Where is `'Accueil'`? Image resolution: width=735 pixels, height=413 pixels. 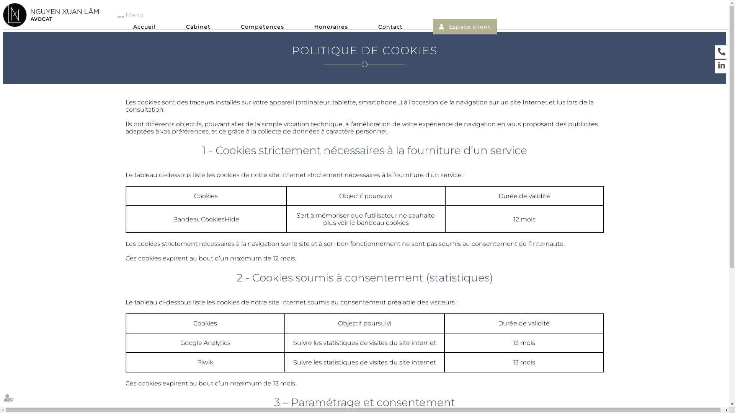 'Accueil' is located at coordinates (144, 28).